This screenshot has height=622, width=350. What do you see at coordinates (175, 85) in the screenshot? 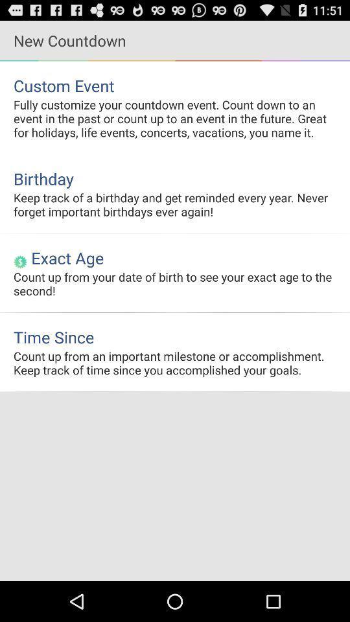
I see `app above fully customize your icon` at bounding box center [175, 85].